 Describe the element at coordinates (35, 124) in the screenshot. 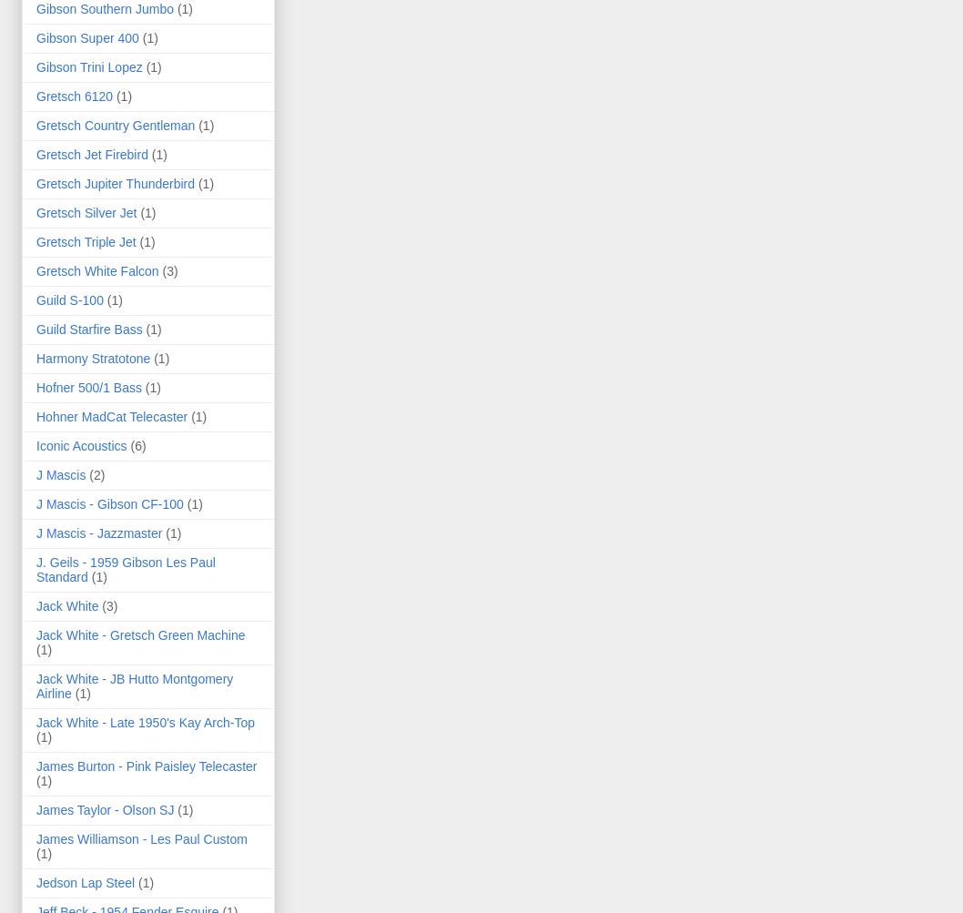

I see `'Gretsch Country Gentleman'` at that location.